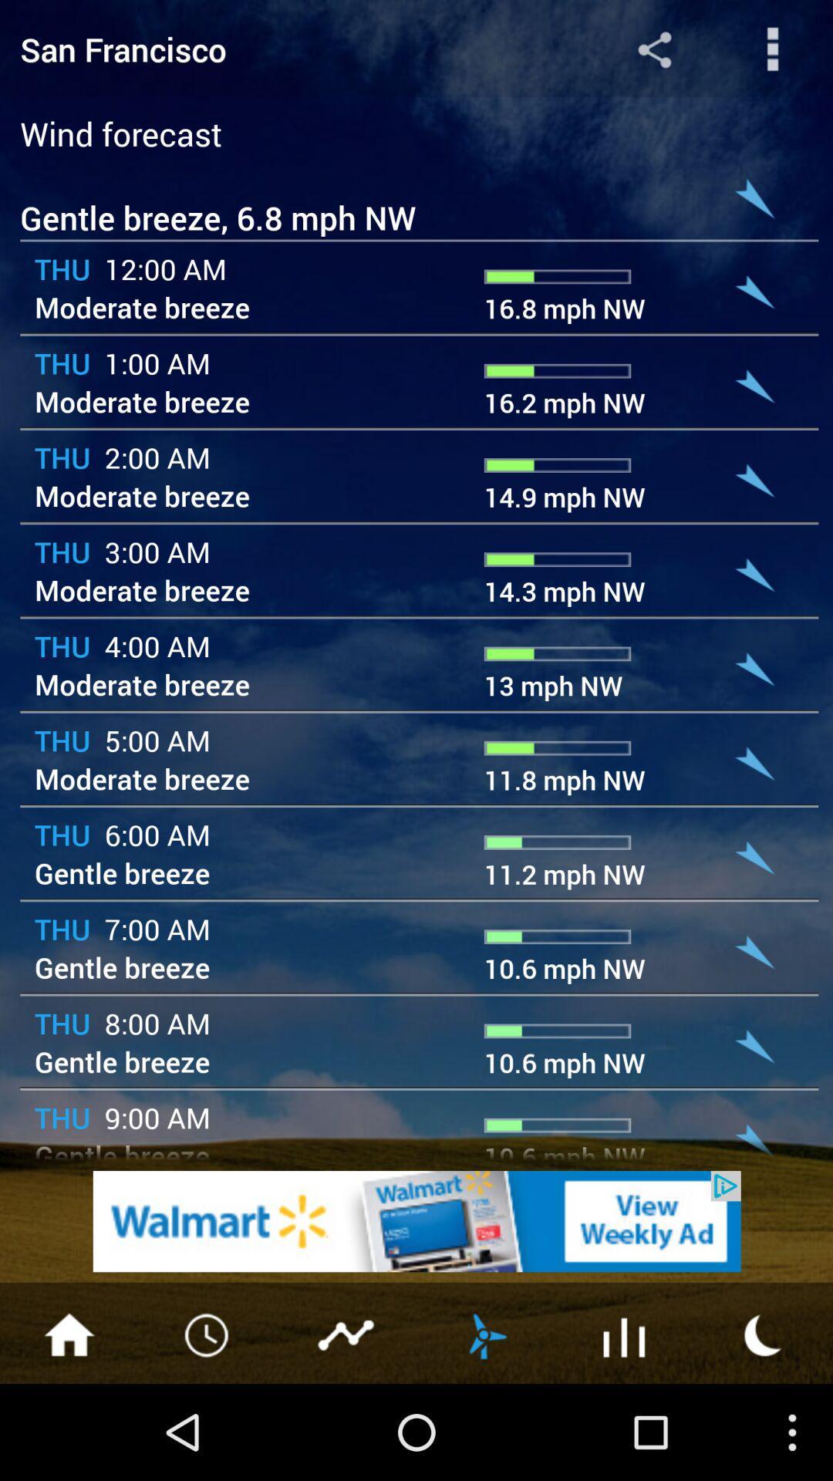 This screenshot has height=1481, width=833. What do you see at coordinates (654, 52) in the screenshot?
I see `the share icon` at bounding box center [654, 52].